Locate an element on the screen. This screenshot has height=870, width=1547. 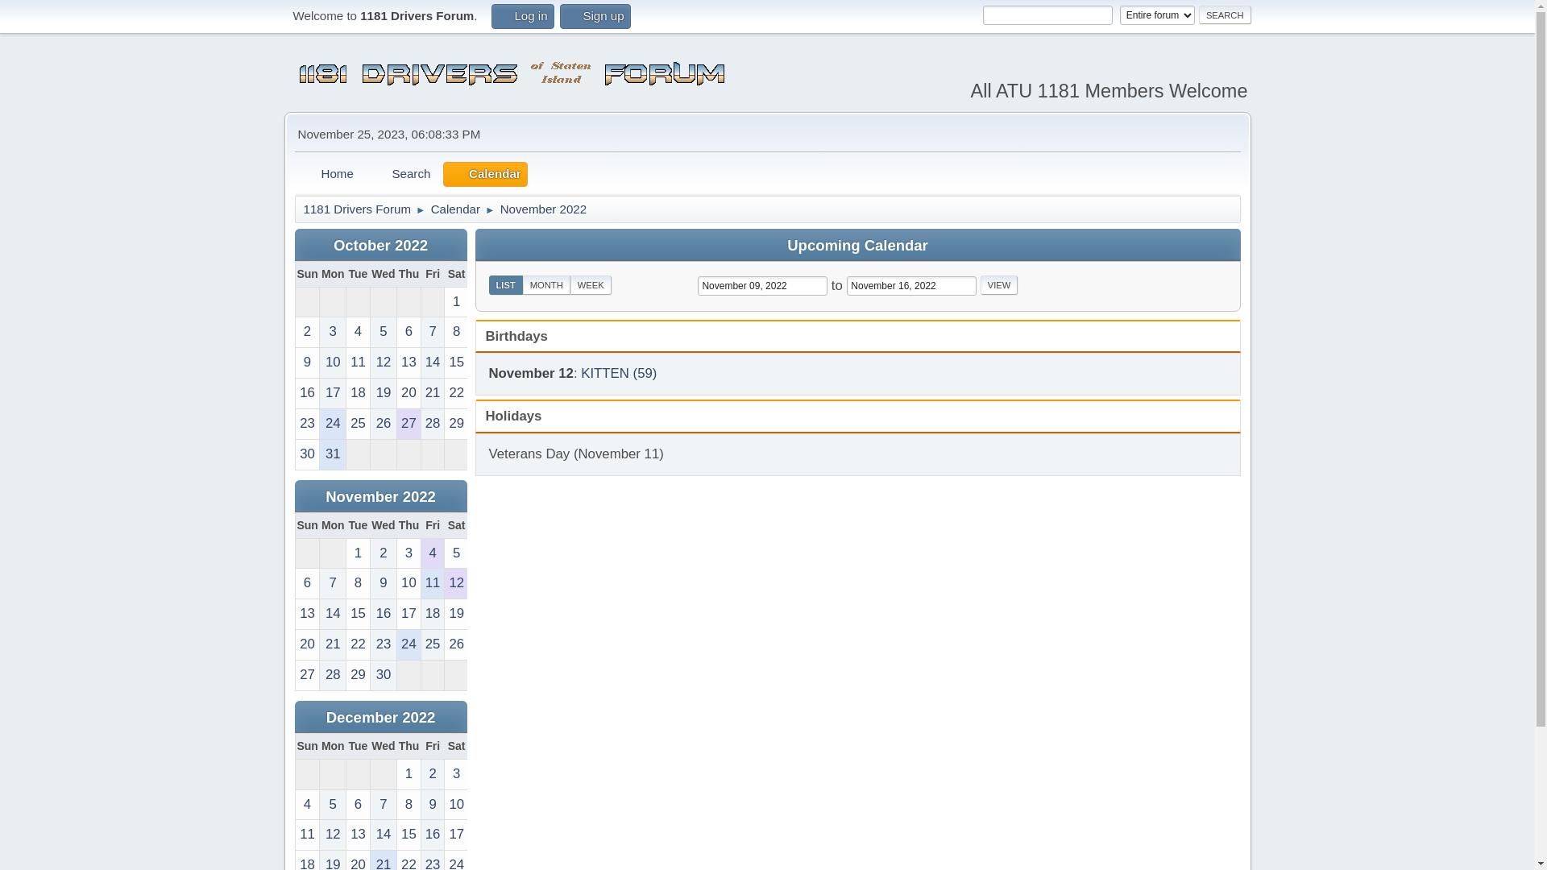
'31' is located at coordinates (320, 454).